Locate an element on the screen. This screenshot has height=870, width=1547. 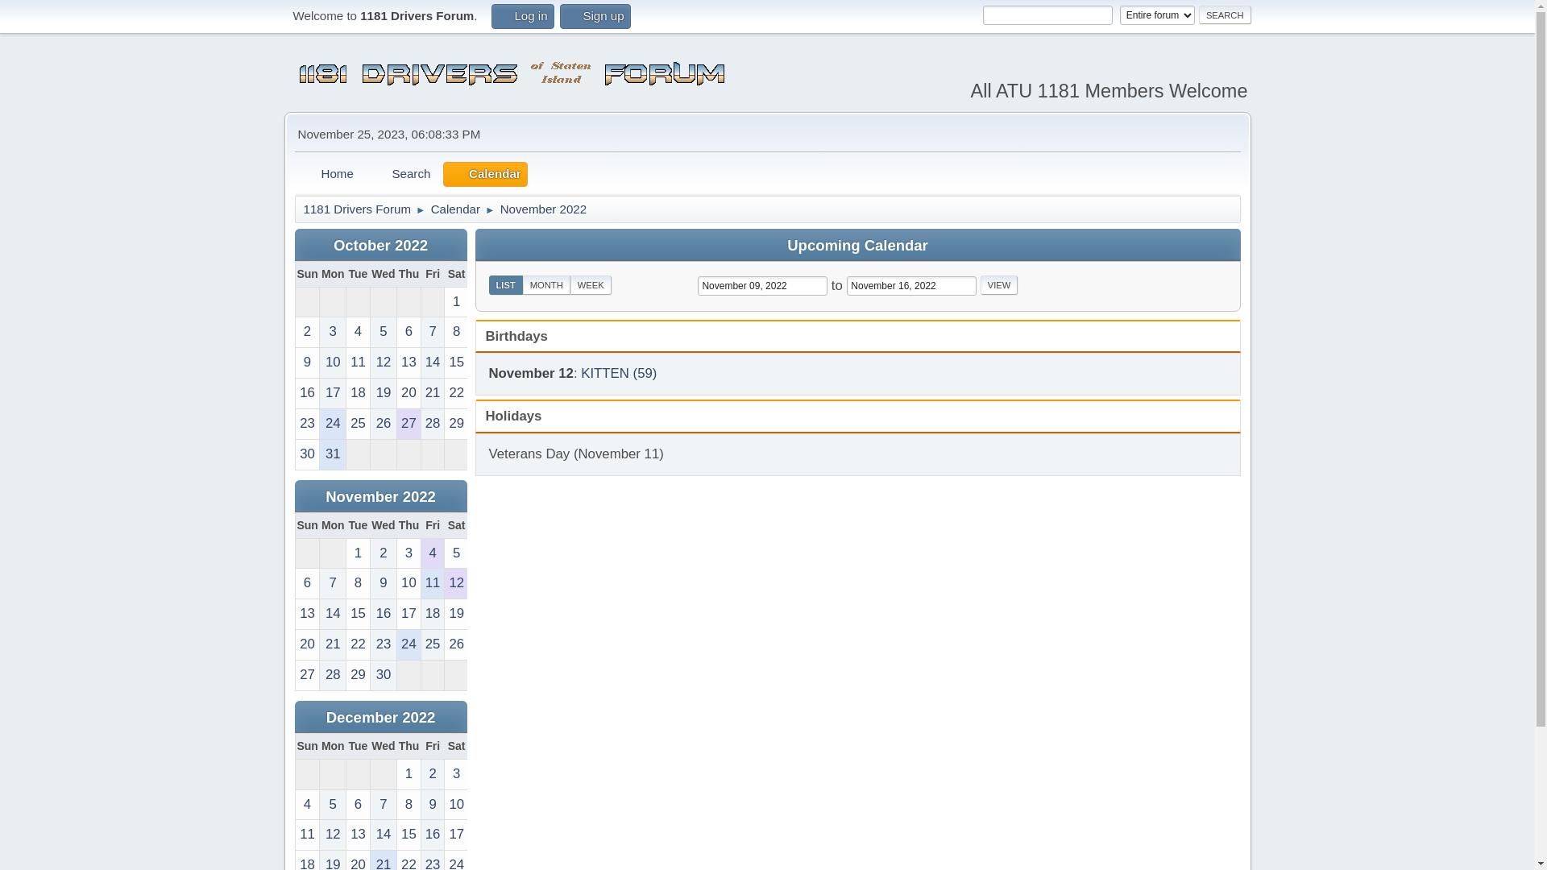
'31' is located at coordinates (320, 454).